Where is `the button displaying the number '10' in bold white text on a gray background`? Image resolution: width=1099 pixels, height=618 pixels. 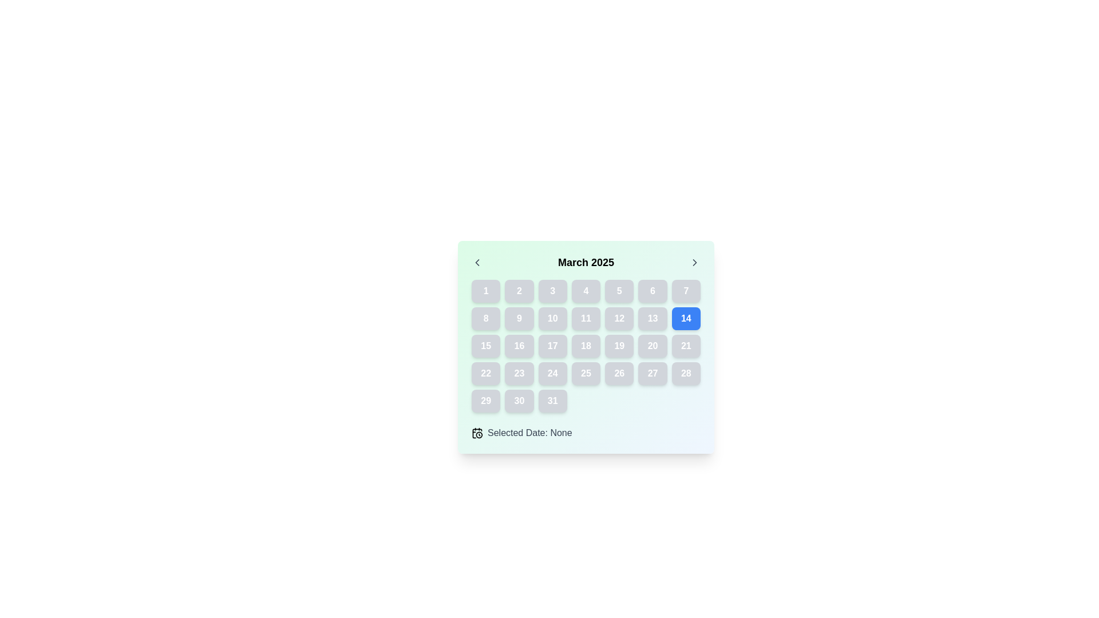
the button displaying the number '10' in bold white text on a gray background is located at coordinates (552, 318).